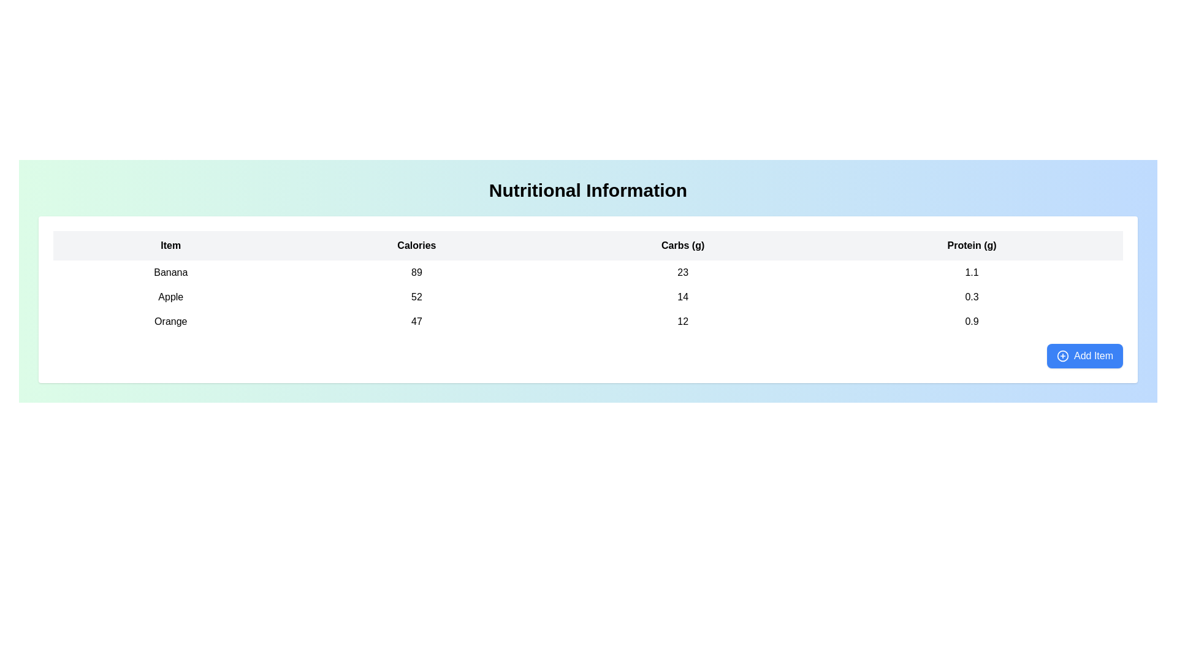  Describe the element at coordinates (416, 246) in the screenshot. I see `the table header cell containing the text 'Calories', which is the second column in the header row of the table` at that location.